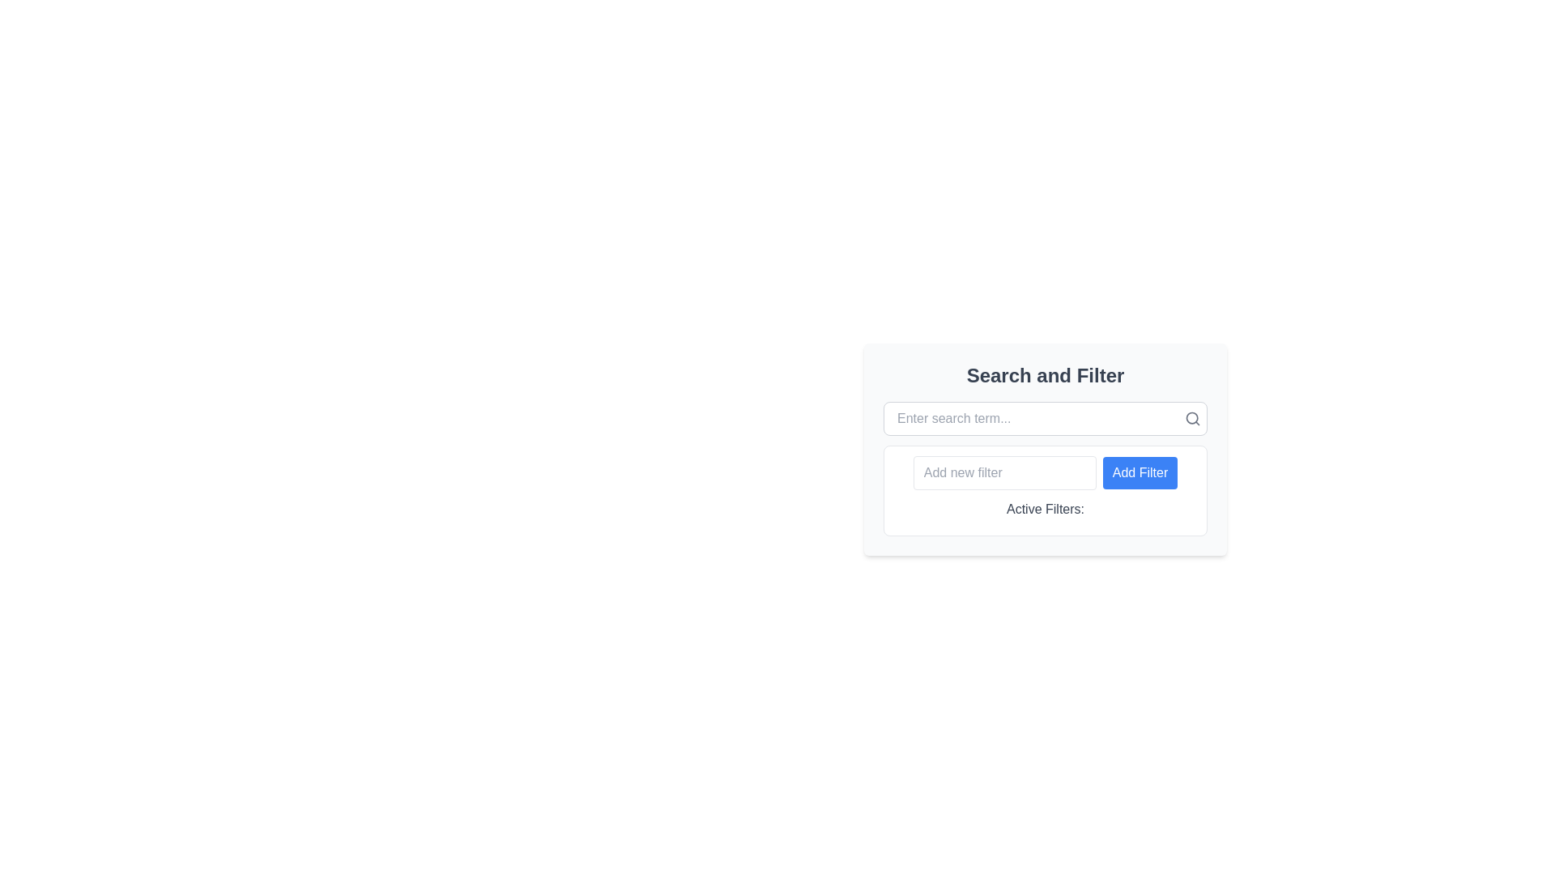  I want to click on the circular part of the magnifying glass icon located on the right side of the 'Enter search term...' input field in the search bar, so click(1192, 417).